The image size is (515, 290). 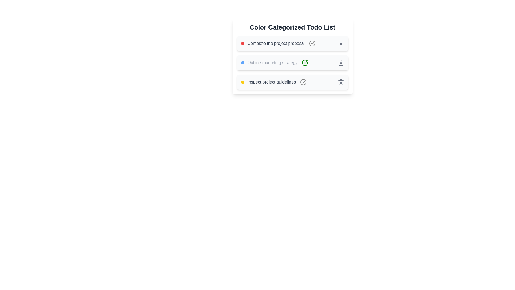 I want to click on the delete button for the task labeled 'Complete the project proposal', so click(x=340, y=43).